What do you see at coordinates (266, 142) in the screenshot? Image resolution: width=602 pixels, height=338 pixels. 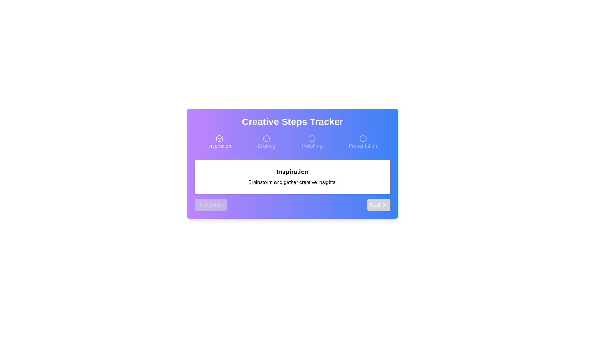 I see `the step Drafting in the progress tracker` at bounding box center [266, 142].